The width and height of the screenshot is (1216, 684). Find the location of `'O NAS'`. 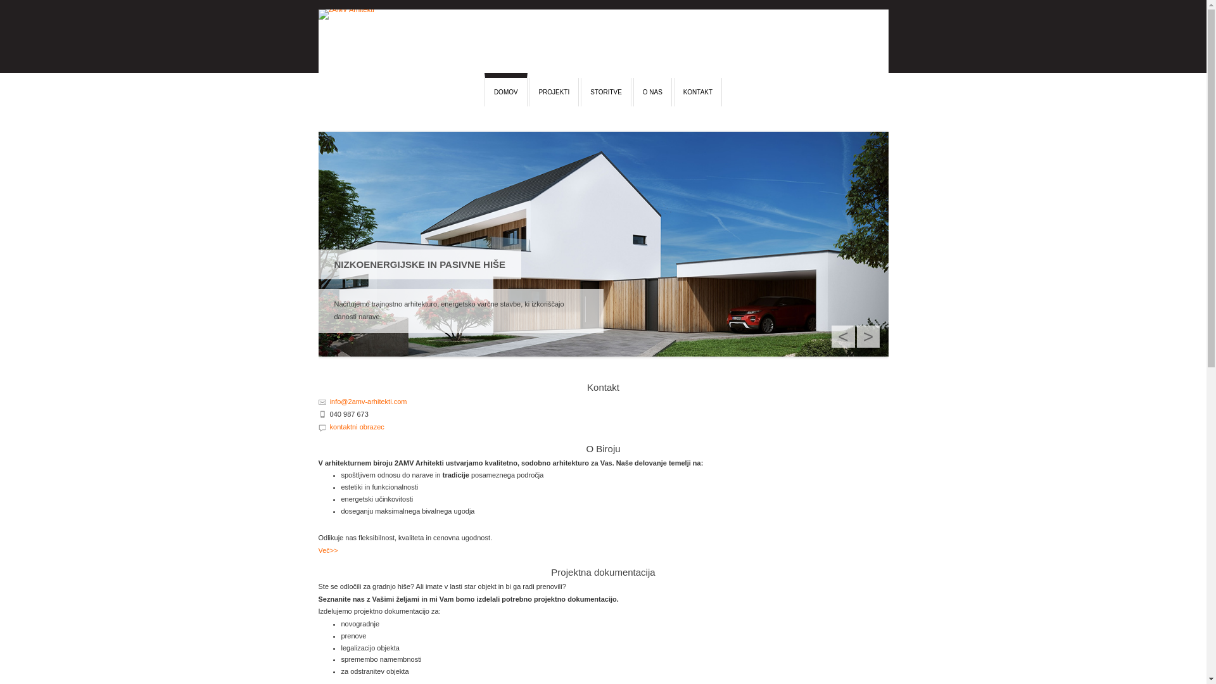

'O NAS' is located at coordinates (652, 91).